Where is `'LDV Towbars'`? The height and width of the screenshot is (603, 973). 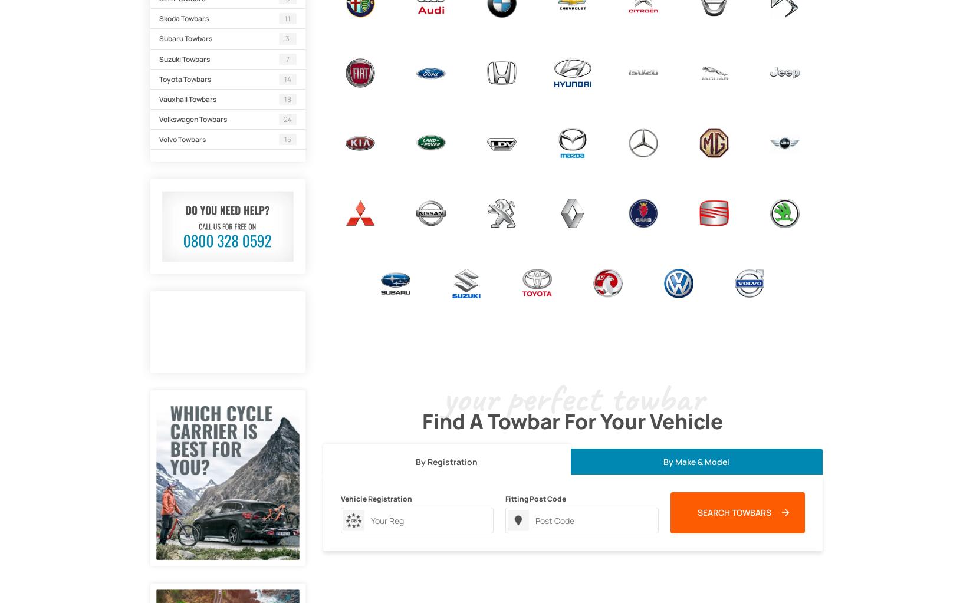
'LDV Towbars' is located at coordinates (482, 164).